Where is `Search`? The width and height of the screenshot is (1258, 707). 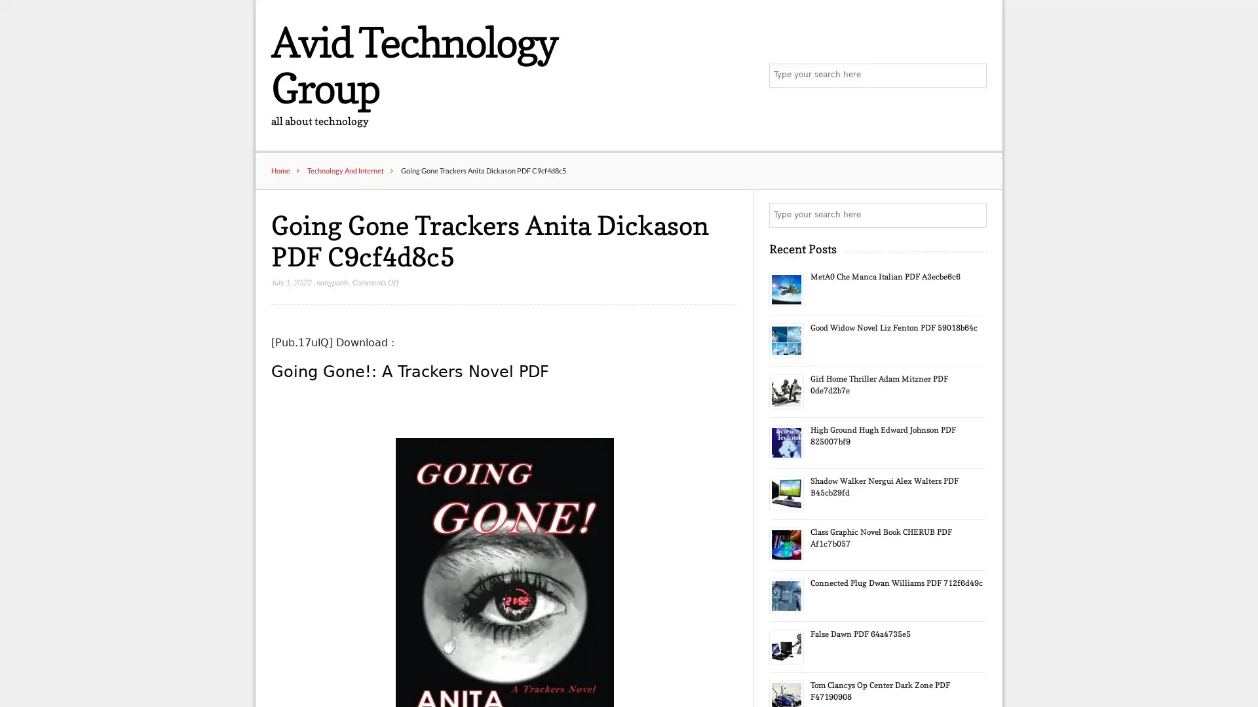
Search is located at coordinates (973, 75).